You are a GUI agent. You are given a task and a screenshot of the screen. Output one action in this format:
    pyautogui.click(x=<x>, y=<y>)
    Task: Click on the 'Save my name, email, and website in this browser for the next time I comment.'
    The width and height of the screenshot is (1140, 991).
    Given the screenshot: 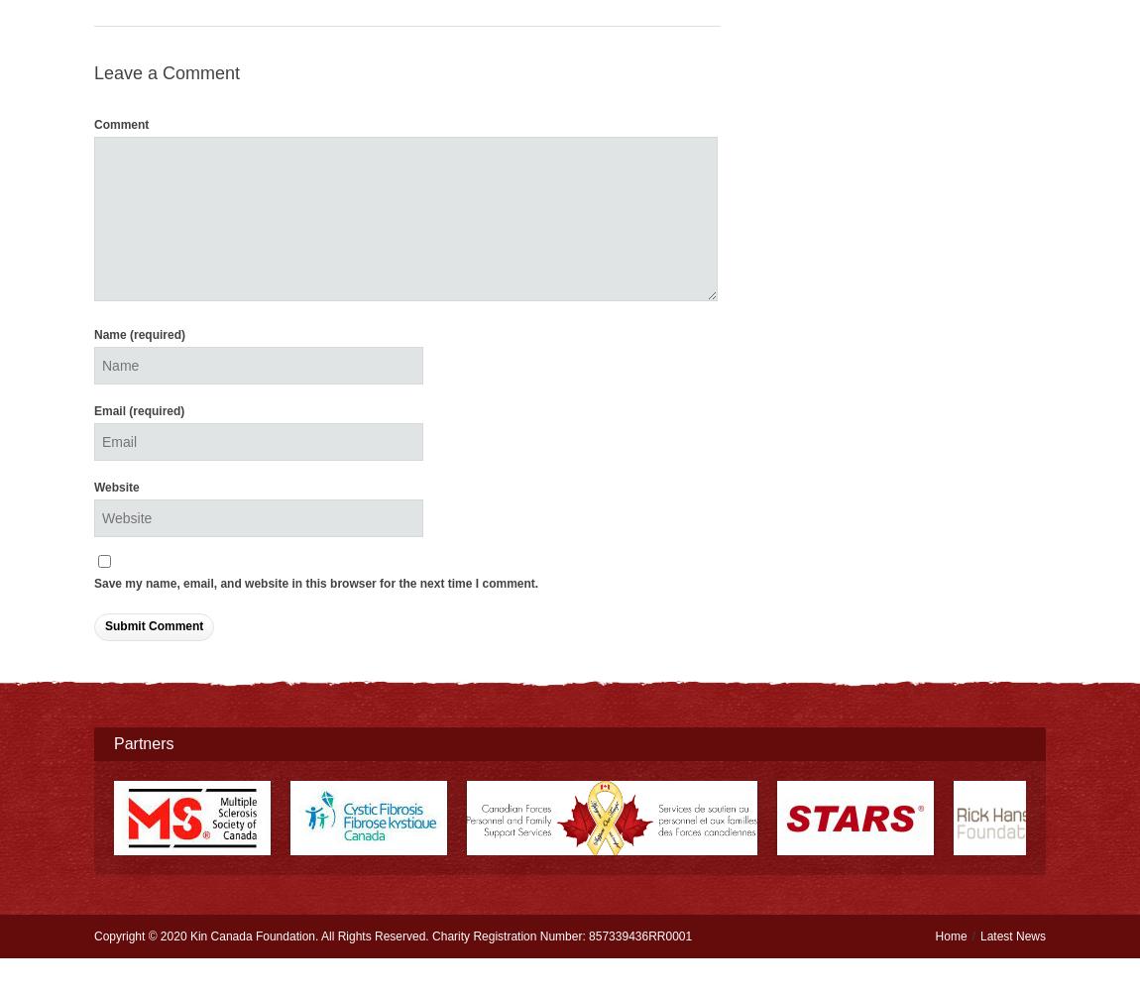 What is the action you would take?
    pyautogui.click(x=316, y=583)
    